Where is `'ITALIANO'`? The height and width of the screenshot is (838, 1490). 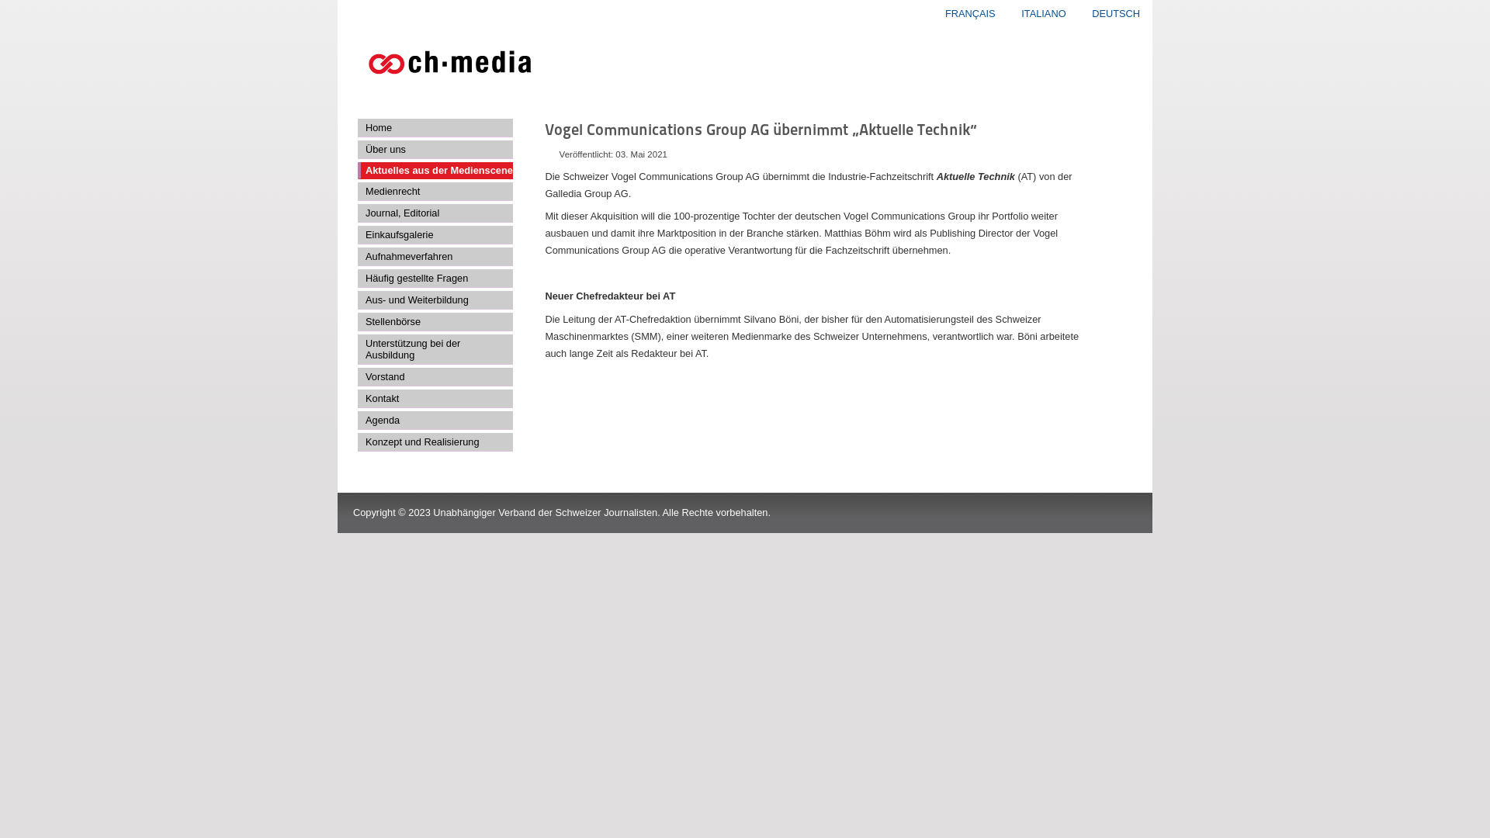 'ITALIANO' is located at coordinates (1045, 13).